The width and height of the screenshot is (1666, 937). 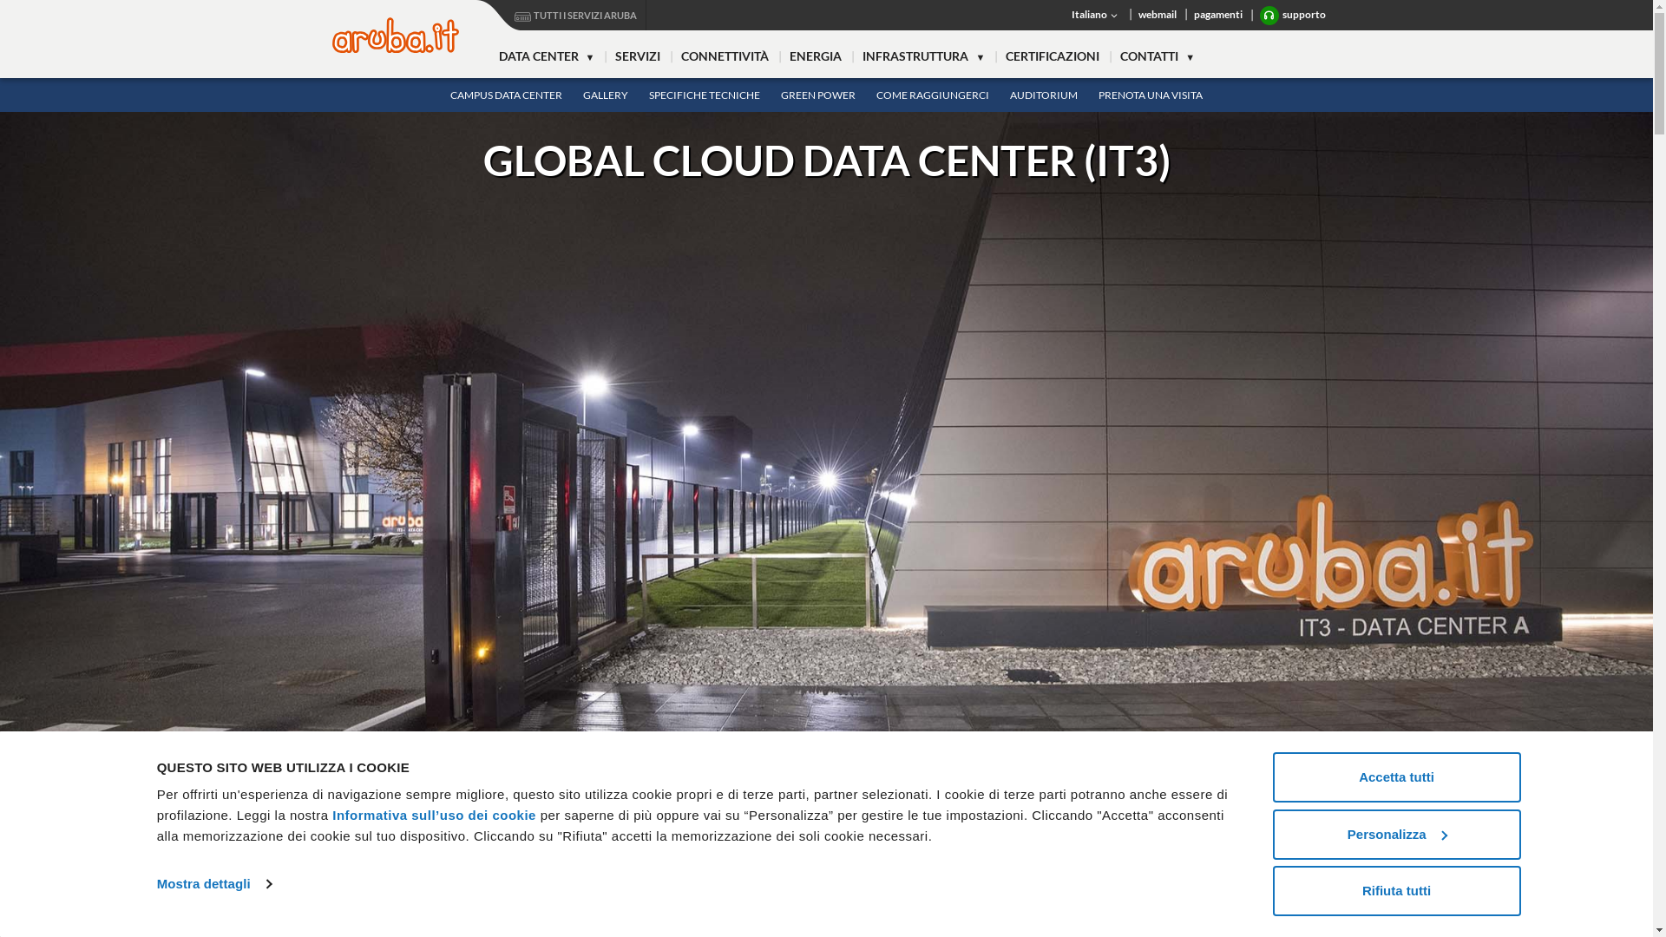 I want to click on 'COME RAGGIUNGERCI', so click(x=932, y=95).